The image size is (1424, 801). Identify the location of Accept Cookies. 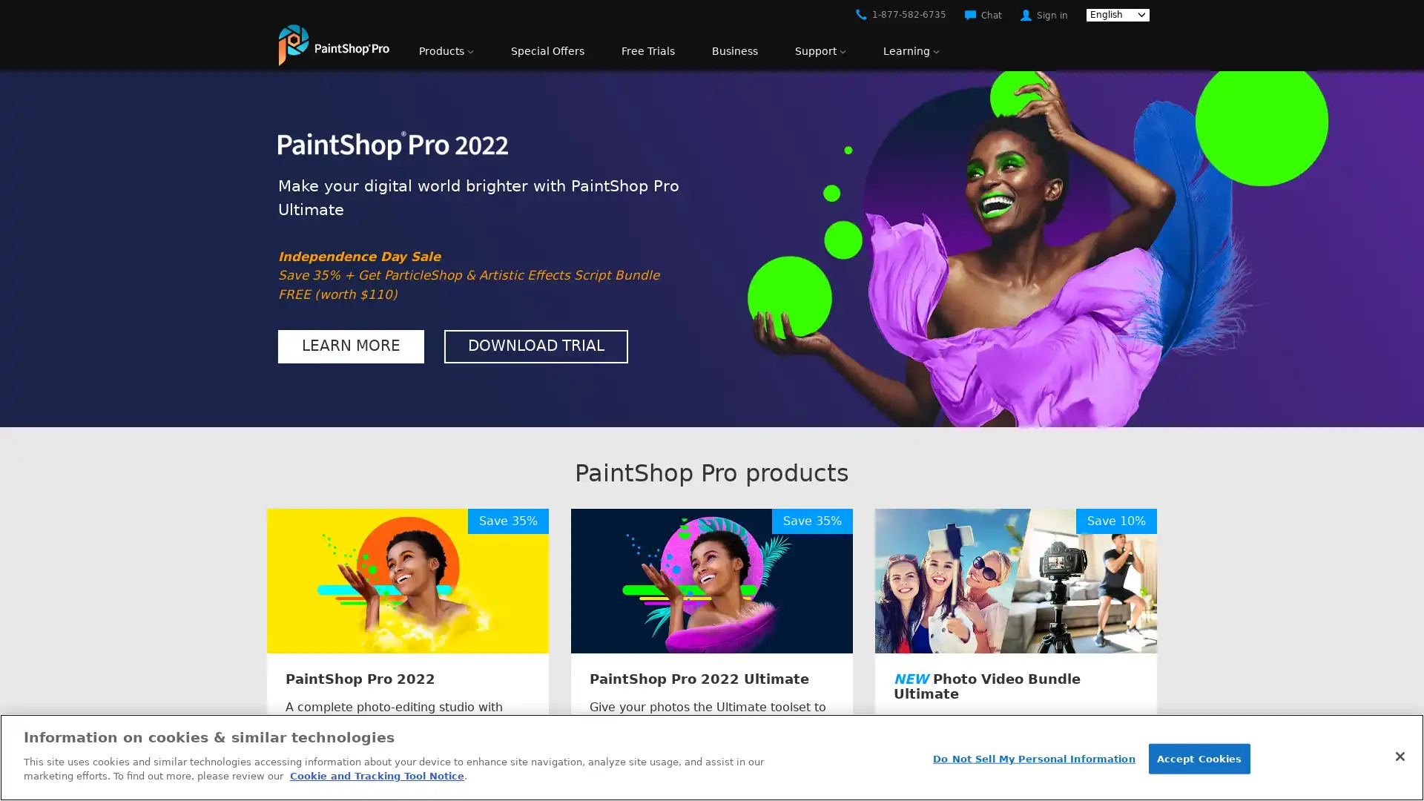
(1199, 758).